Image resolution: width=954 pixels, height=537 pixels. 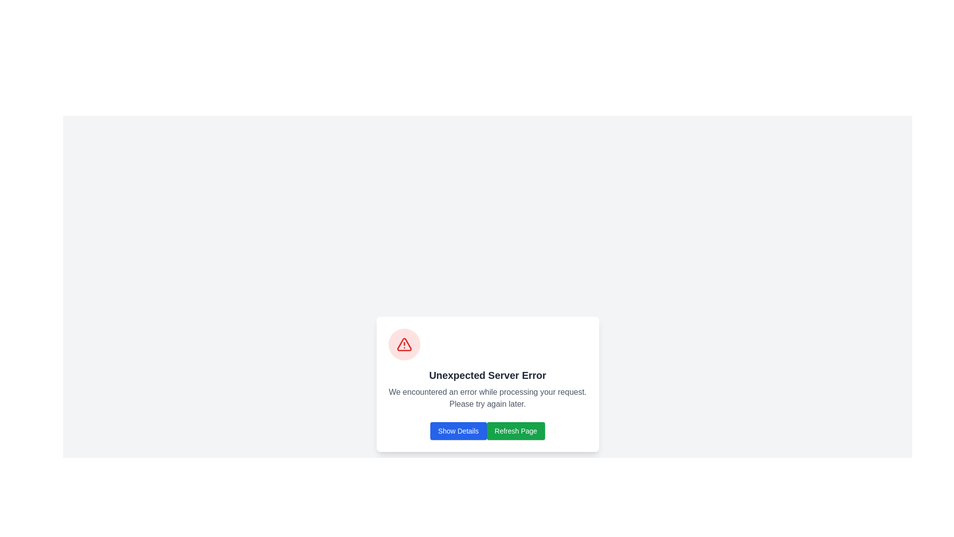 What do you see at coordinates (515, 431) in the screenshot?
I see `the 'Refresh Page' button, which is a green rectangular button with rounded corners located to the right of the 'Show Details' button in the dialog box` at bounding box center [515, 431].